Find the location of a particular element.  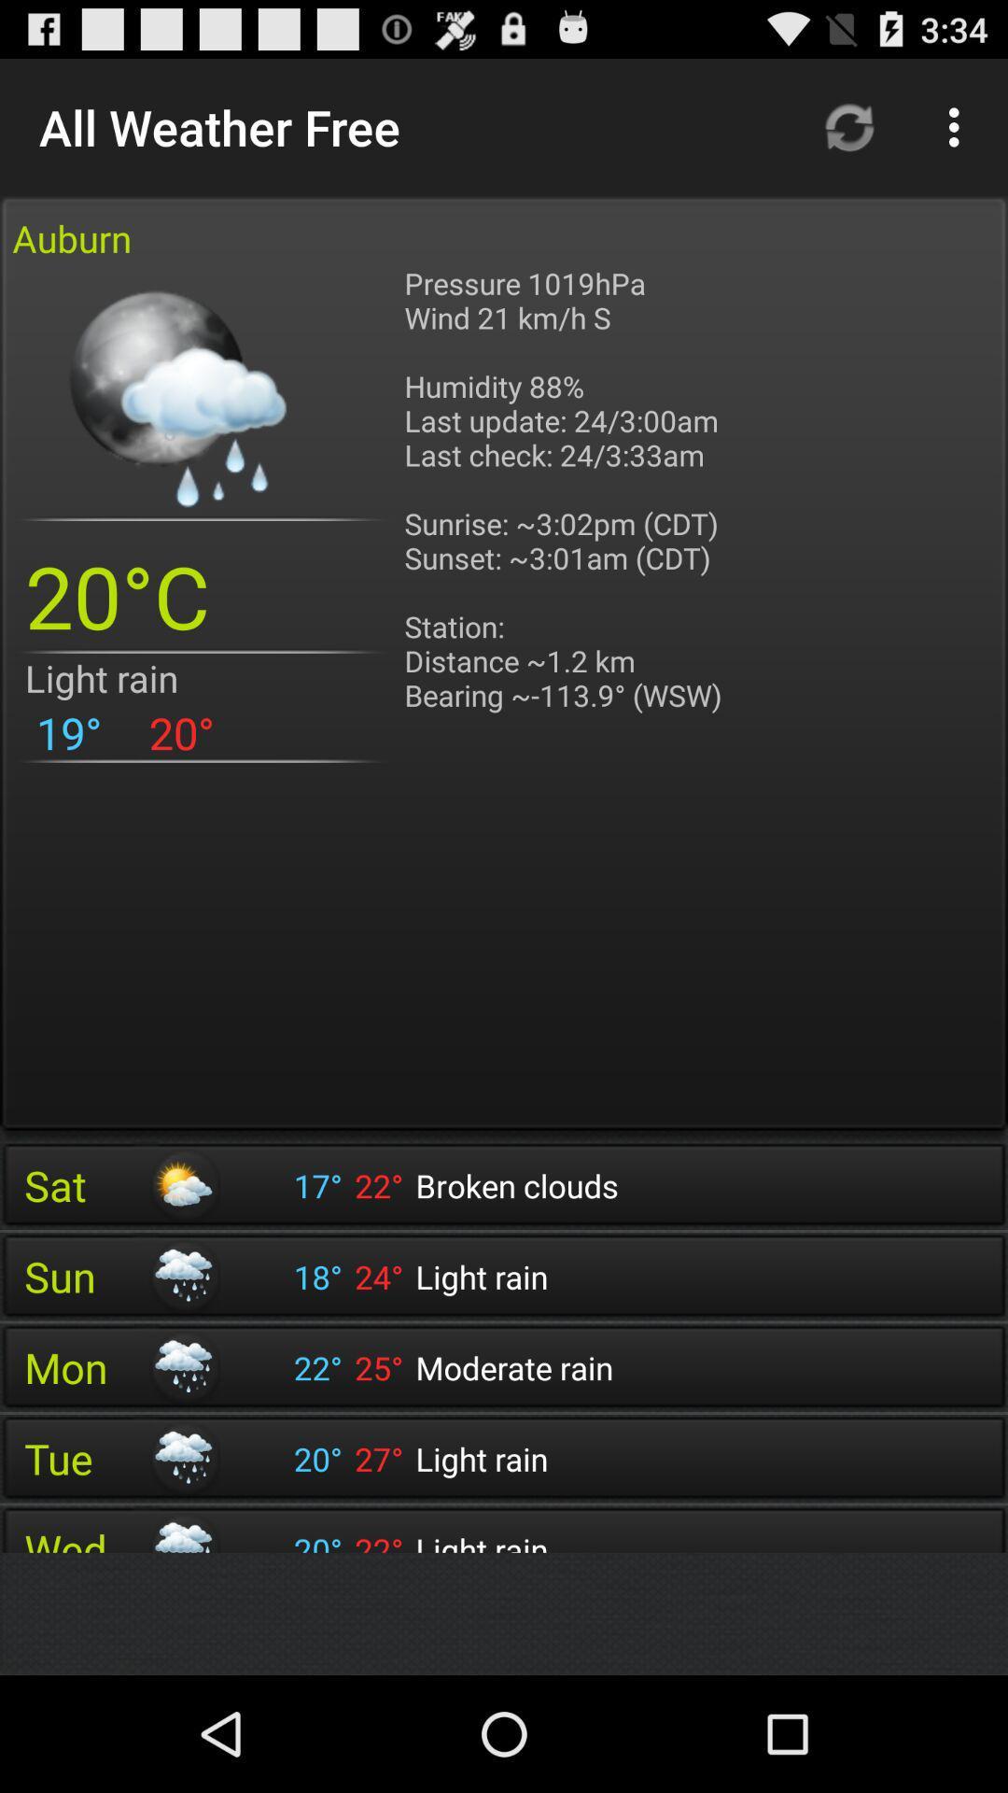

cloud image right to sun is located at coordinates (183, 1276).